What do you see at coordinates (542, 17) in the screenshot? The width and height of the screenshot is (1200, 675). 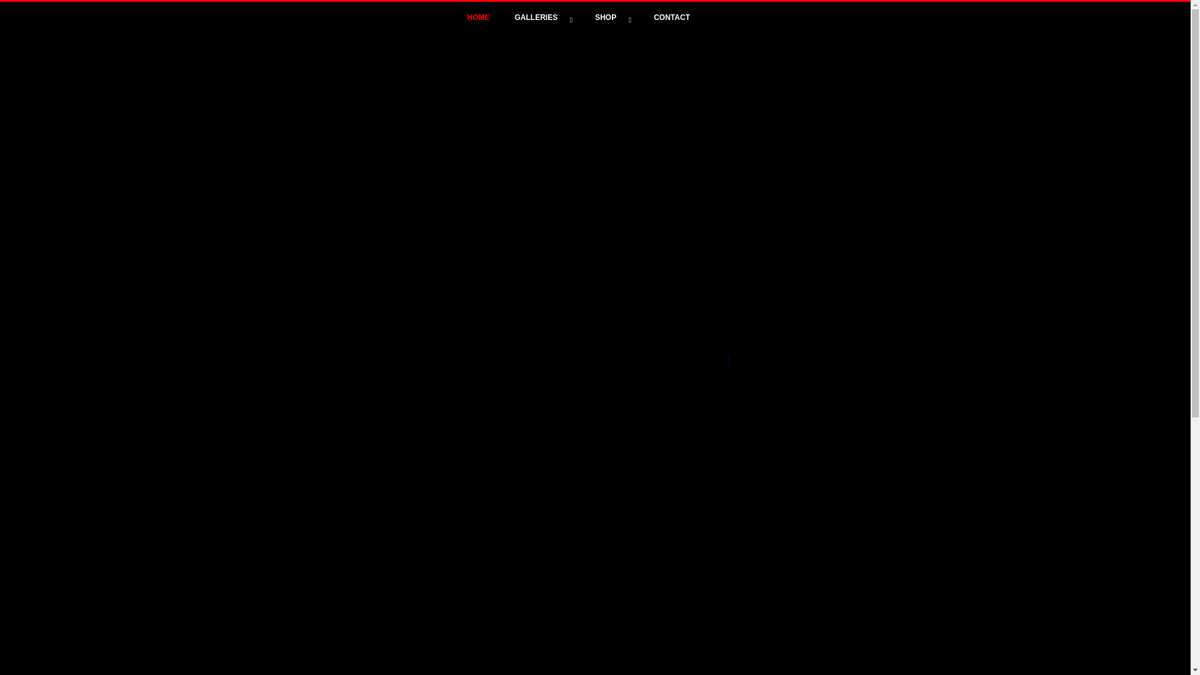 I see `'GALLERIES'` at bounding box center [542, 17].